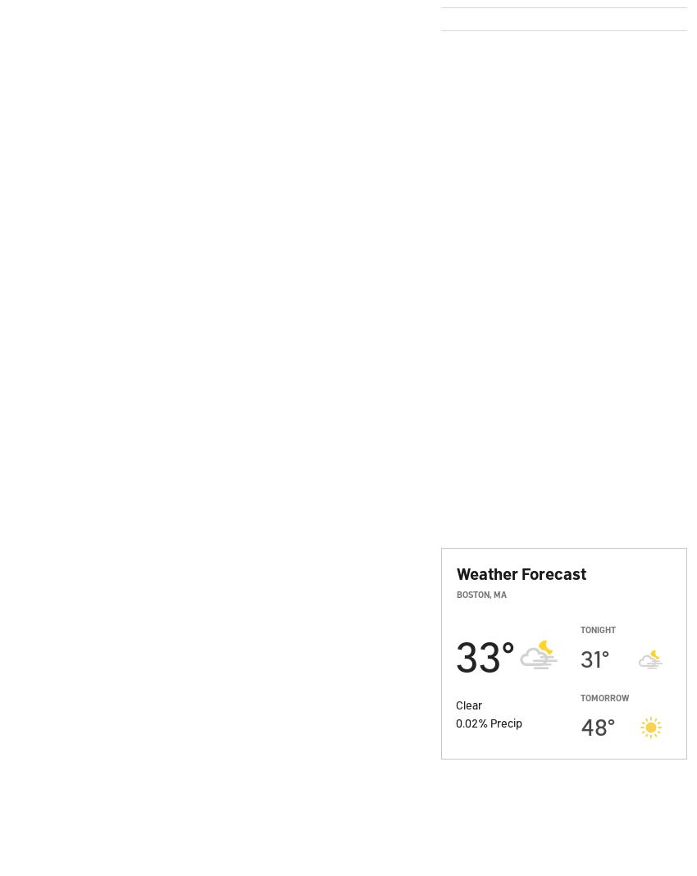 This screenshot has height=876, width=697. I want to click on '31', so click(579, 657).